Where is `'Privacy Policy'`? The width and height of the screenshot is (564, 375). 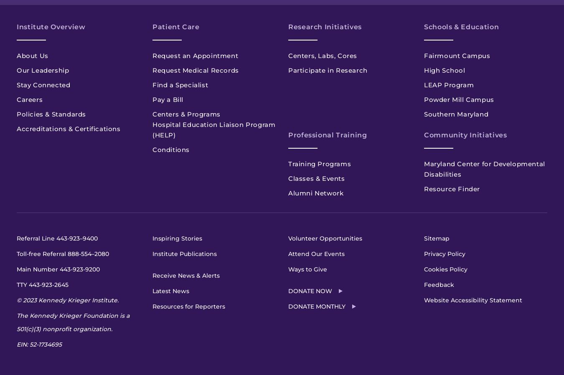
'Privacy Policy' is located at coordinates (445, 253).